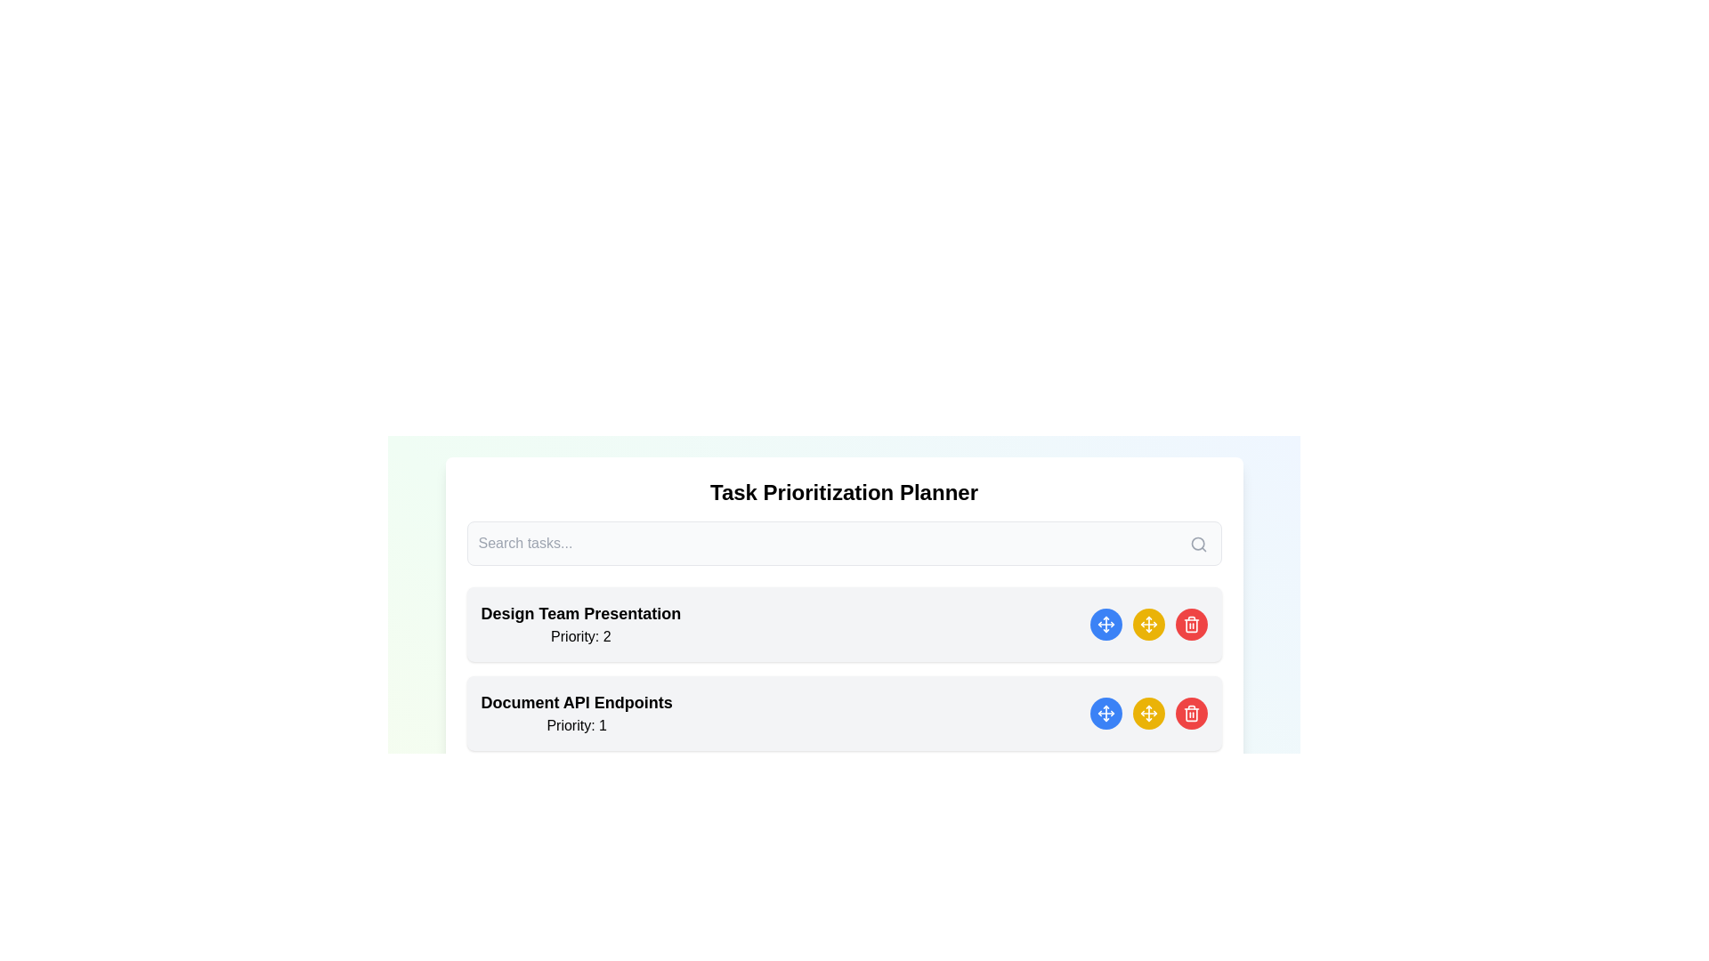 The width and height of the screenshot is (1709, 961). I want to click on the Label group displaying the task titled 'Design Team Presentation' with priority '2', which is positioned at the top of the task list, so click(580, 624).